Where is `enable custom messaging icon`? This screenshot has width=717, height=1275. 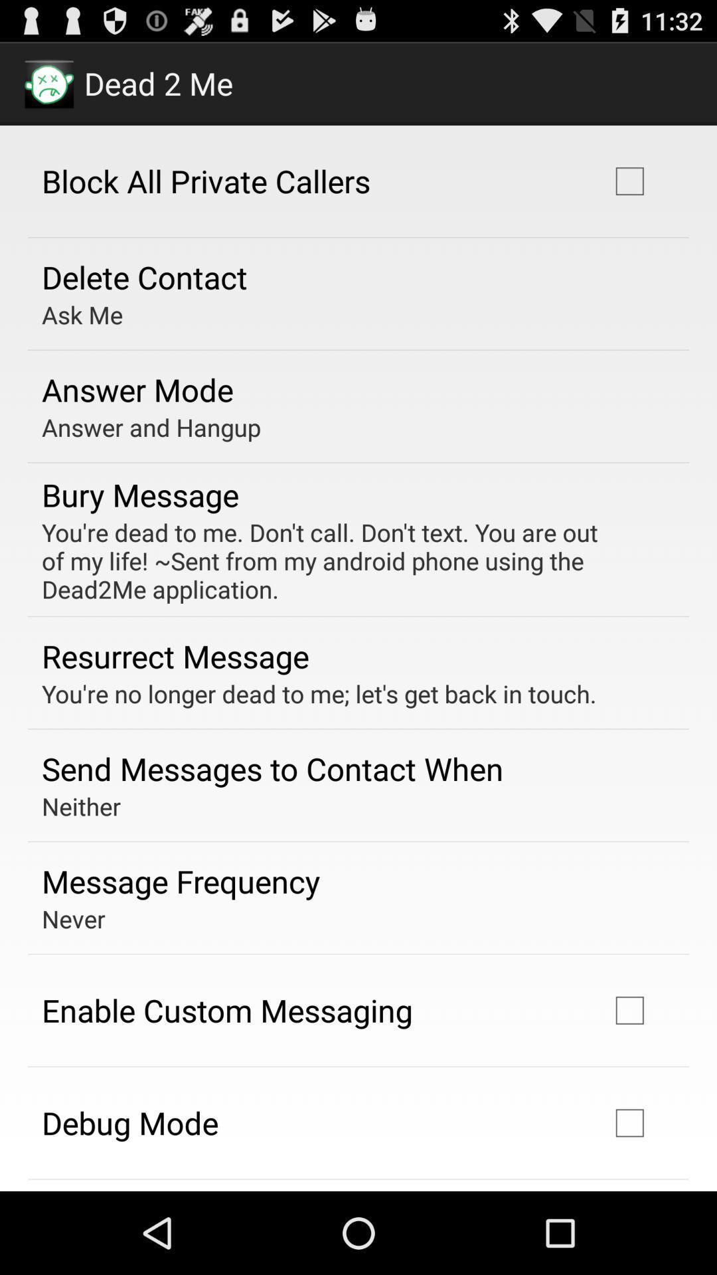
enable custom messaging icon is located at coordinates (226, 1009).